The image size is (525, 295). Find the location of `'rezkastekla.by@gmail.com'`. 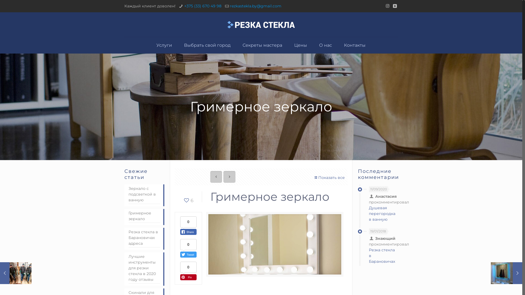

'rezkastekla.by@gmail.com' is located at coordinates (255, 6).